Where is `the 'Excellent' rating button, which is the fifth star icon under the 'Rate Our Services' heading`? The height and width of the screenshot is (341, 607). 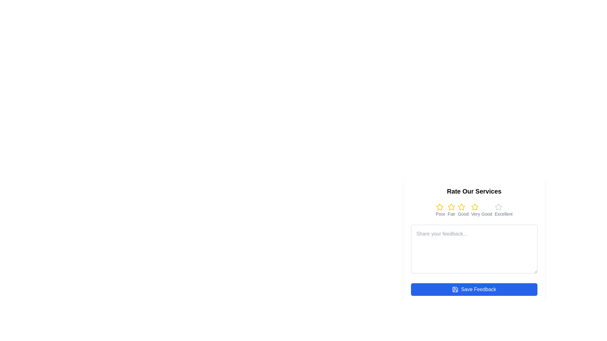
the 'Excellent' rating button, which is the fifth star icon under the 'Rate Our Services' heading is located at coordinates (498, 207).